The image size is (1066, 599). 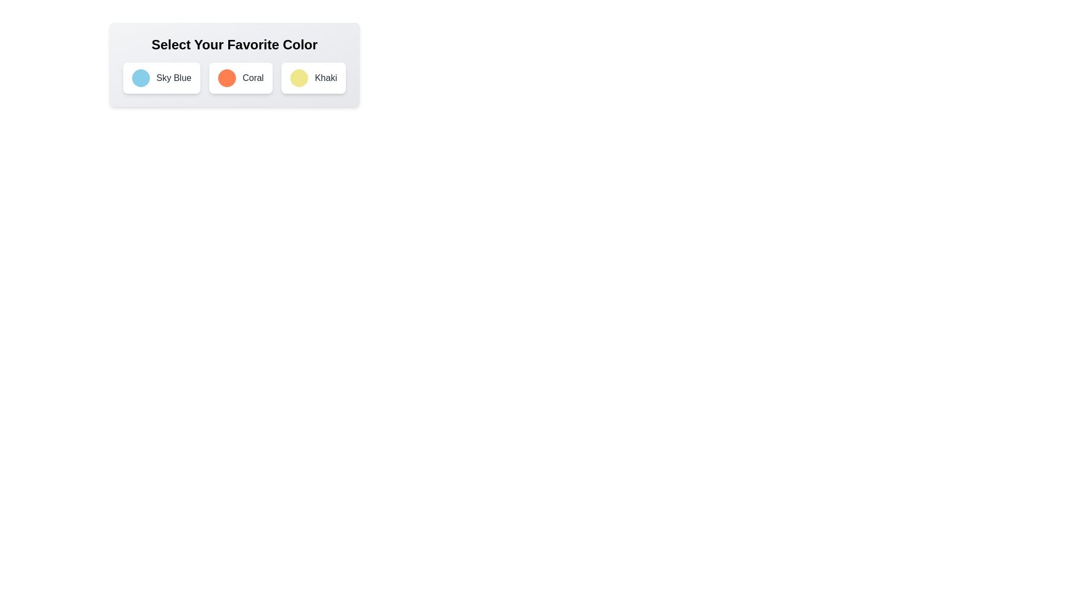 What do you see at coordinates (140, 78) in the screenshot?
I see `the swatch of color Sky Blue to observe its hover effect` at bounding box center [140, 78].